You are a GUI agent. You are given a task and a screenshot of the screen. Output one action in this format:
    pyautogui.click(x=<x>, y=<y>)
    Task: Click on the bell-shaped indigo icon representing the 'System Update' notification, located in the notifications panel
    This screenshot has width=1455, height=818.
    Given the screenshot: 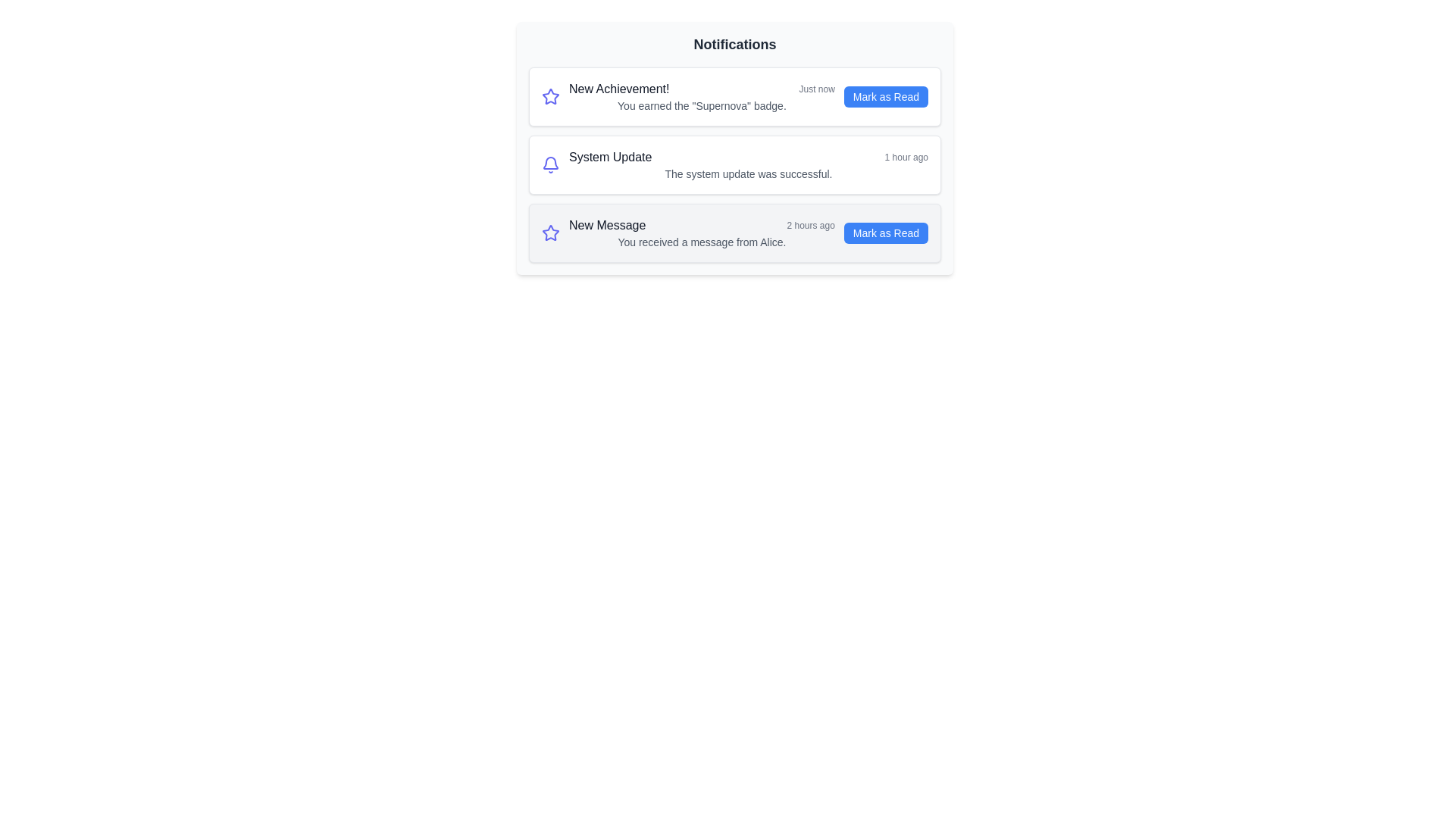 What is the action you would take?
    pyautogui.click(x=549, y=165)
    